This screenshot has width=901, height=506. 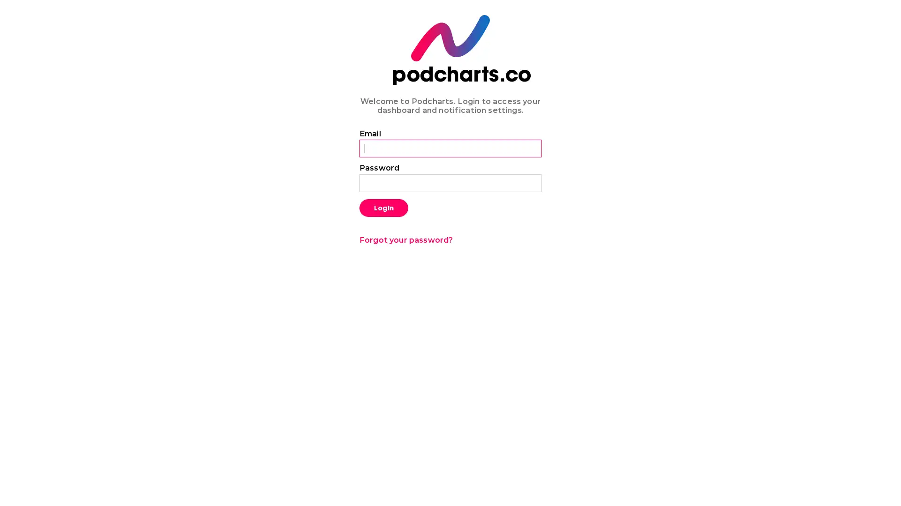 What do you see at coordinates (383, 207) in the screenshot?
I see `Login` at bounding box center [383, 207].